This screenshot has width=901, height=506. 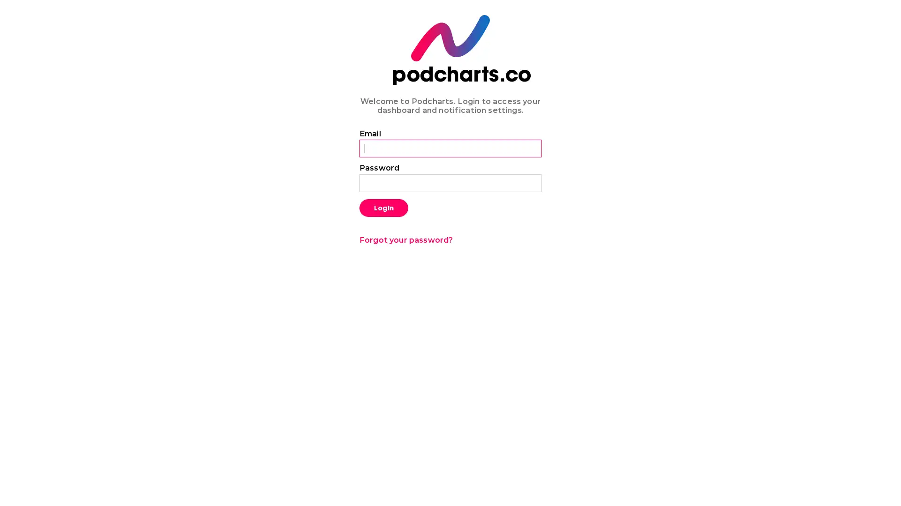 What do you see at coordinates (383, 207) in the screenshot?
I see `Login` at bounding box center [383, 207].